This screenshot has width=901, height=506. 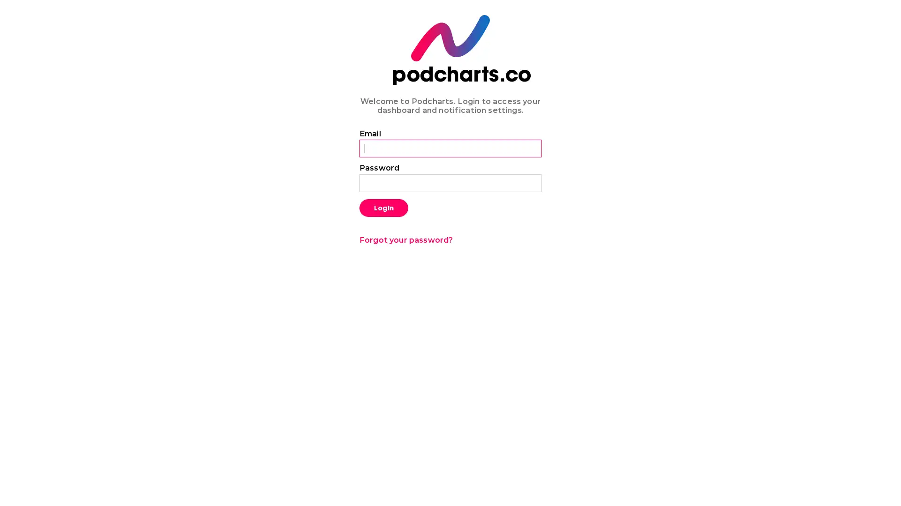 What do you see at coordinates (383, 207) in the screenshot?
I see `Login` at bounding box center [383, 207].